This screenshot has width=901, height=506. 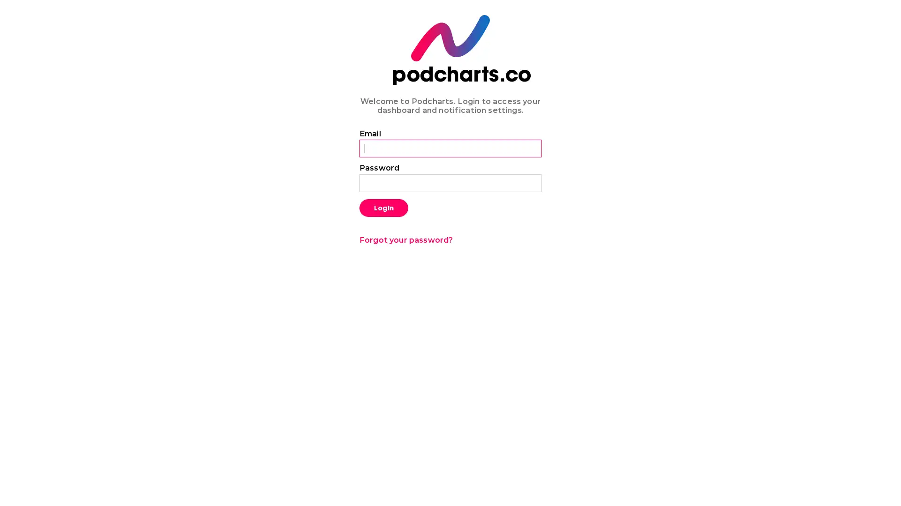 What do you see at coordinates (383, 207) in the screenshot?
I see `Login` at bounding box center [383, 207].